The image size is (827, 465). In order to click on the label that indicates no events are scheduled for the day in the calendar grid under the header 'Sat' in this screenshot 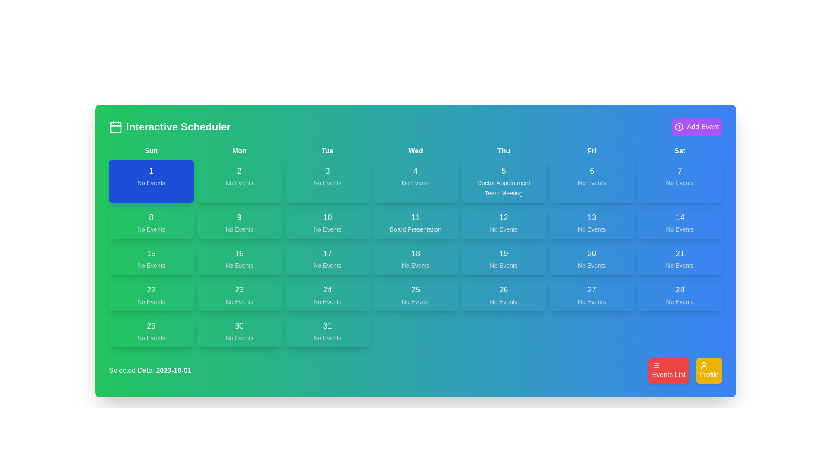, I will do `click(679, 265)`.